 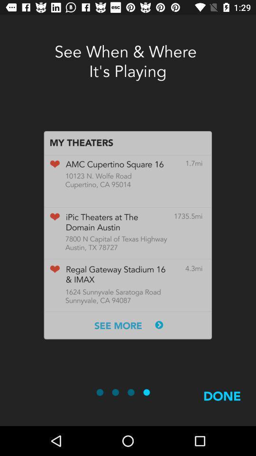 I want to click on item at the bottom right corner, so click(x=222, y=407).